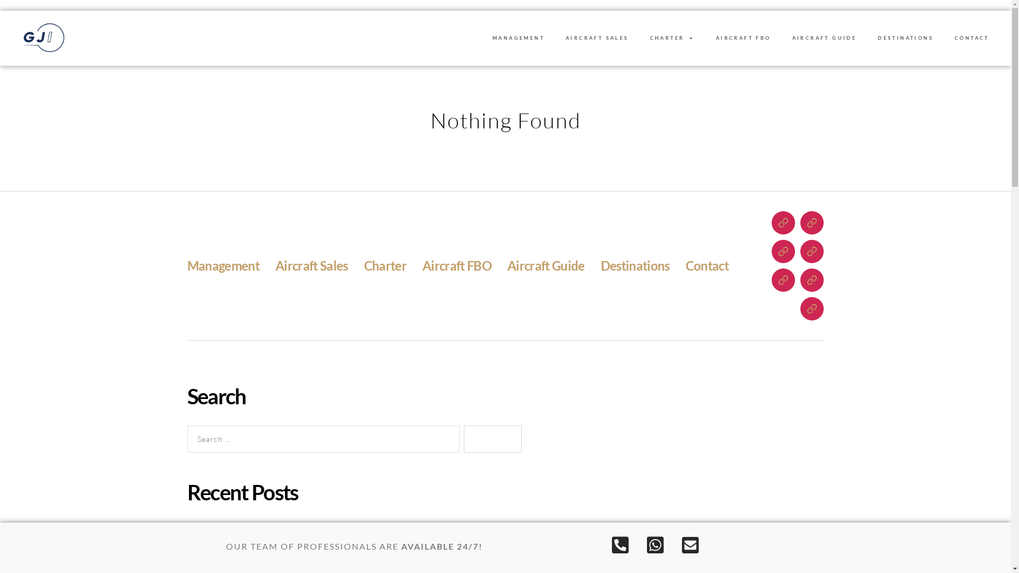 The width and height of the screenshot is (1019, 573). Describe the element at coordinates (672, 38) in the screenshot. I see `'CHARTER'` at that location.